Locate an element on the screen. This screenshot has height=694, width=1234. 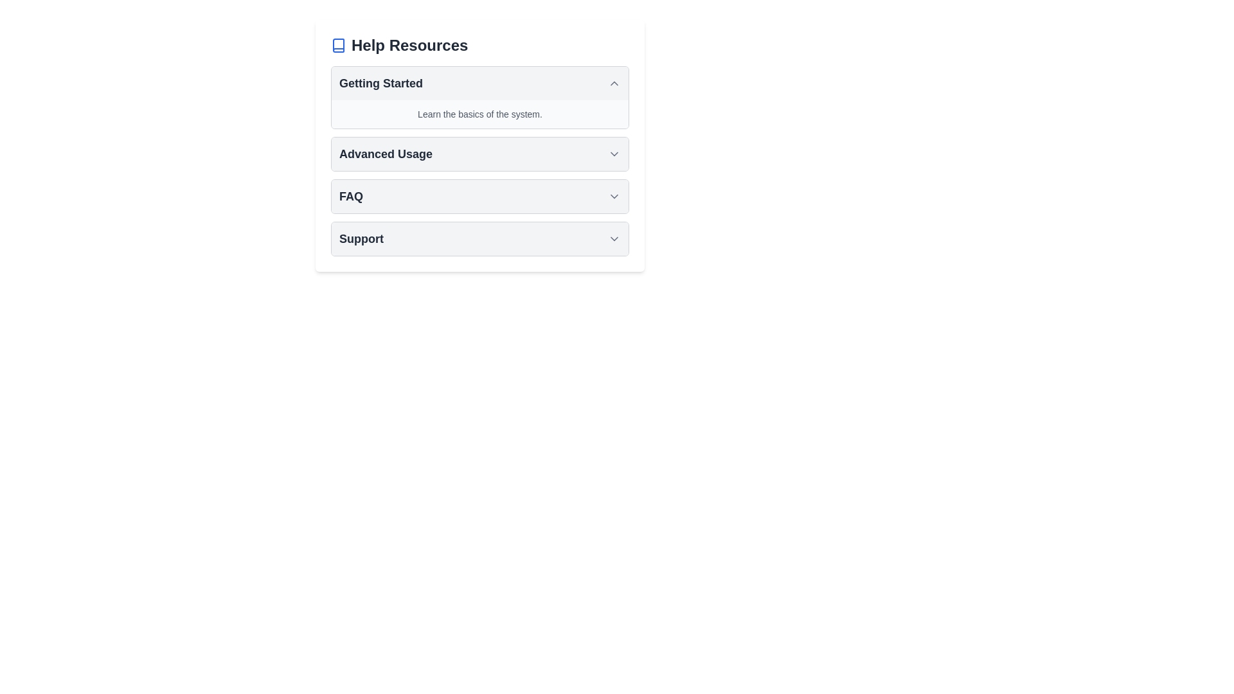
the Dropdown arrow icon at the far right end of the 'Advanced Usage' header is located at coordinates (613, 153).